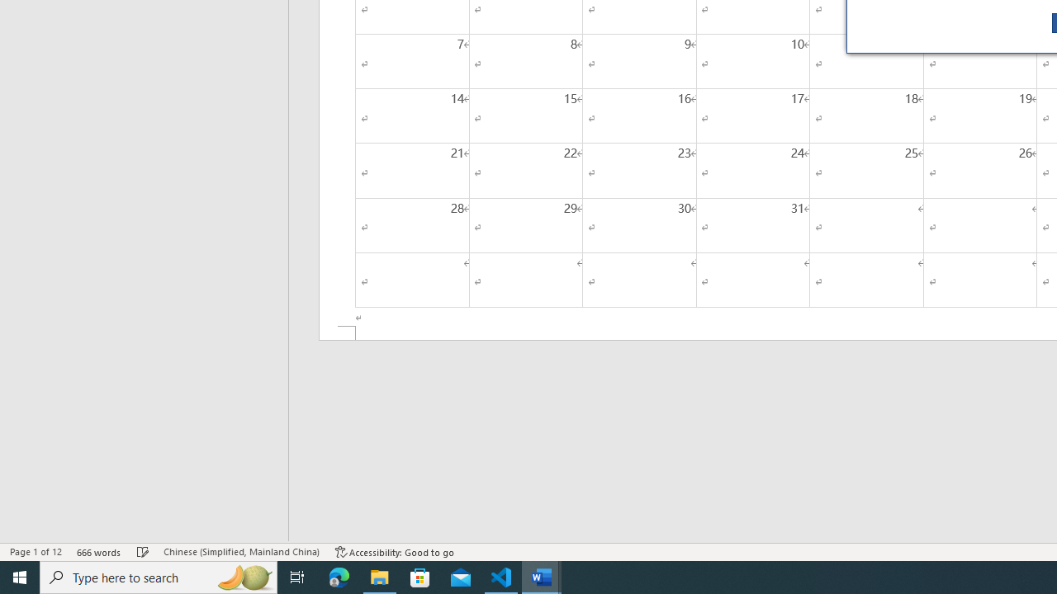  I want to click on 'Page Number Page 1 of 12', so click(36, 552).